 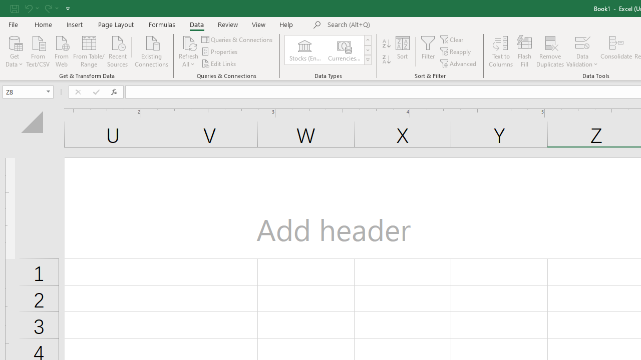 What do you see at coordinates (367, 59) in the screenshot?
I see `'Class: NetUIImage'` at bounding box center [367, 59].